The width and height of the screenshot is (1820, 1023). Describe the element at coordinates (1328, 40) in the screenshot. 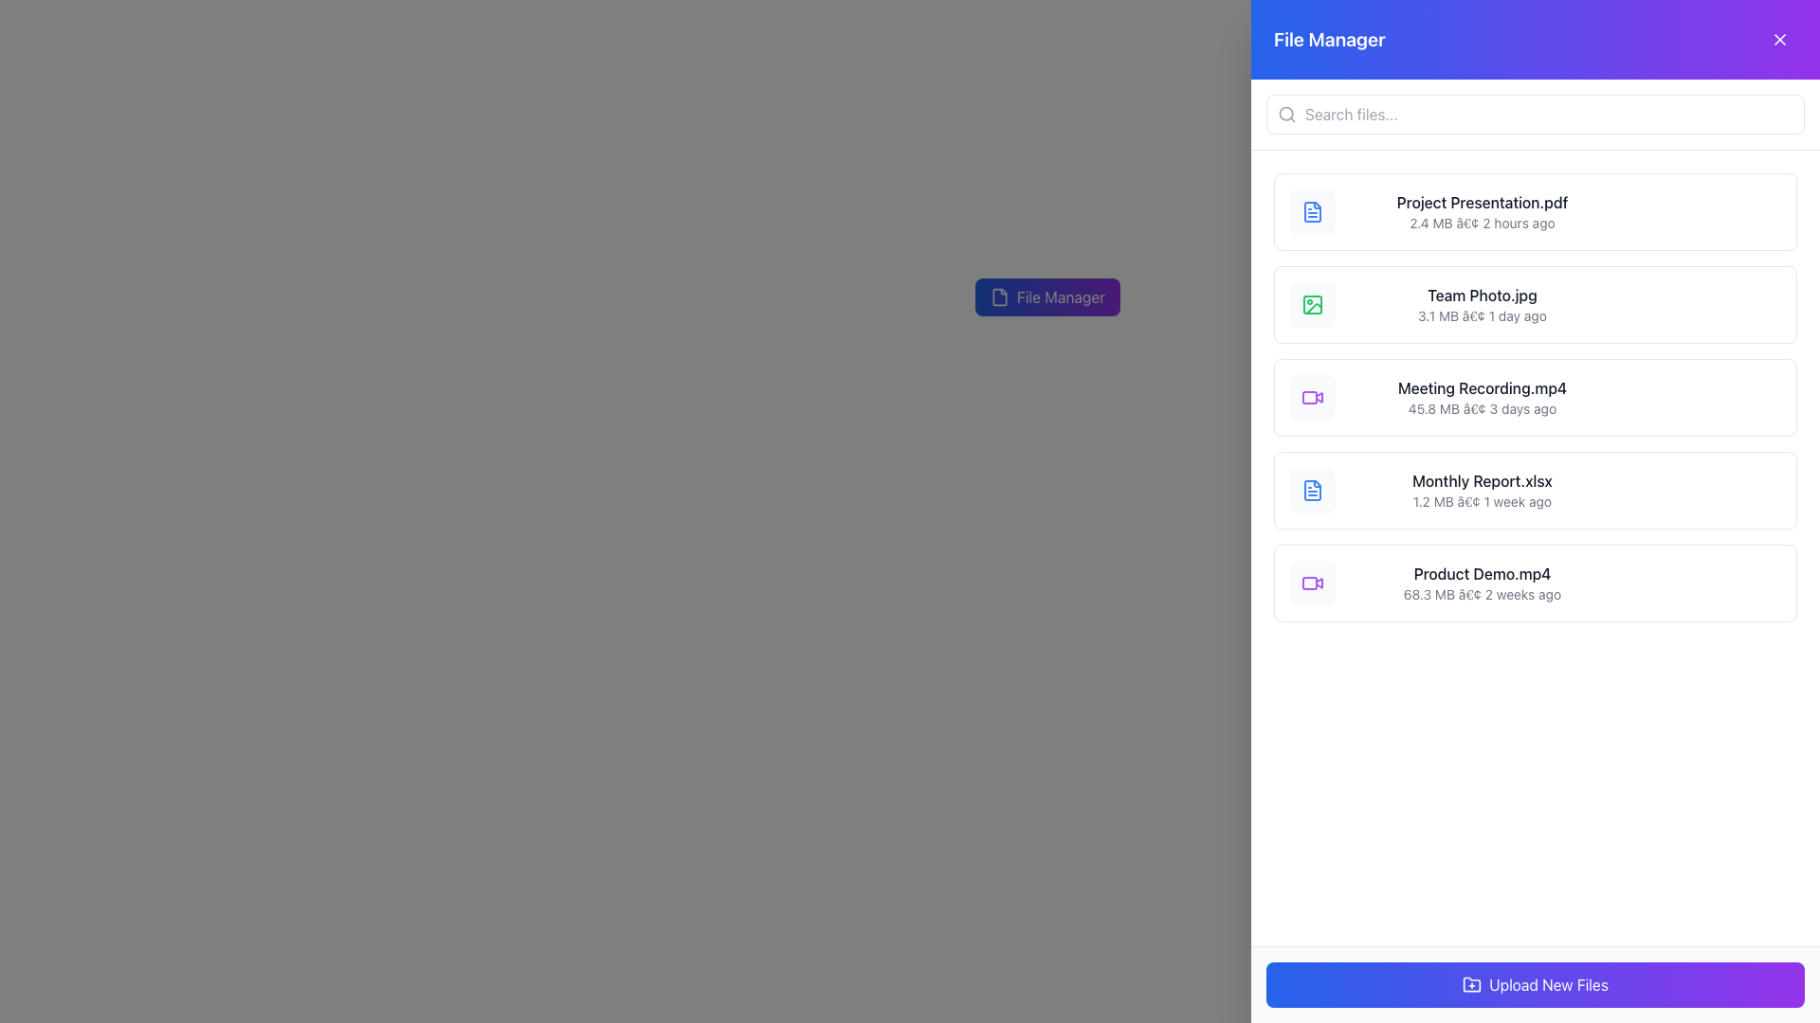

I see `the 'File Manager' title text label, which is located in the upper-left portion of the sidebar and serves as a heading for the section` at that location.